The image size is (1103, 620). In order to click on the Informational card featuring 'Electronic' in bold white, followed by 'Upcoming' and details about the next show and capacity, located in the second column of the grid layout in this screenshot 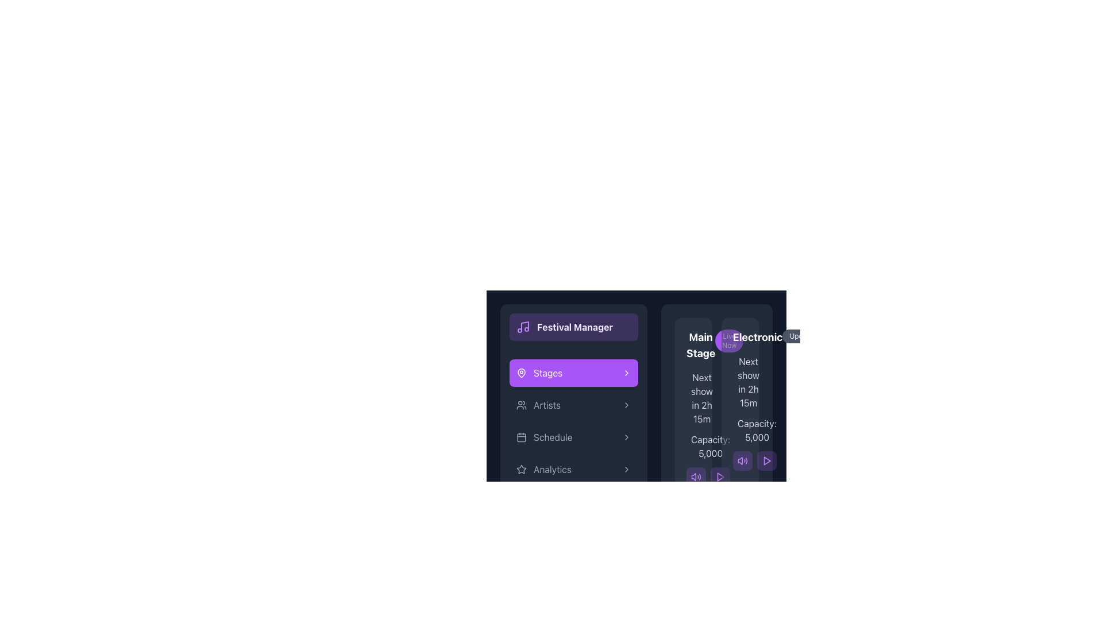, I will do `click(740, 407)`.